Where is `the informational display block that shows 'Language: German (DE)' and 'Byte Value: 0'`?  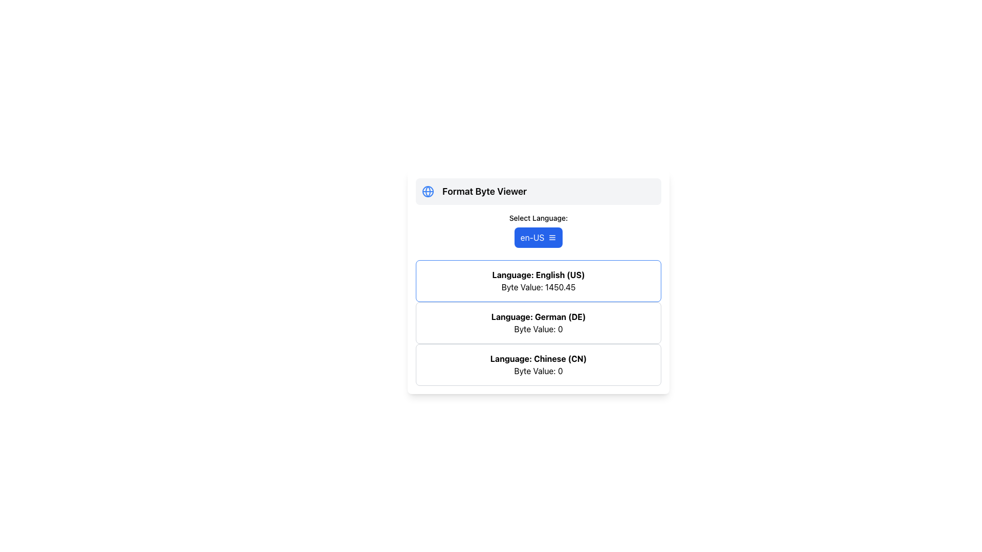 the informational display block that shows 'Language: German (DE)' and 'Byte Value: 0' is located at coordinates (538, 323).